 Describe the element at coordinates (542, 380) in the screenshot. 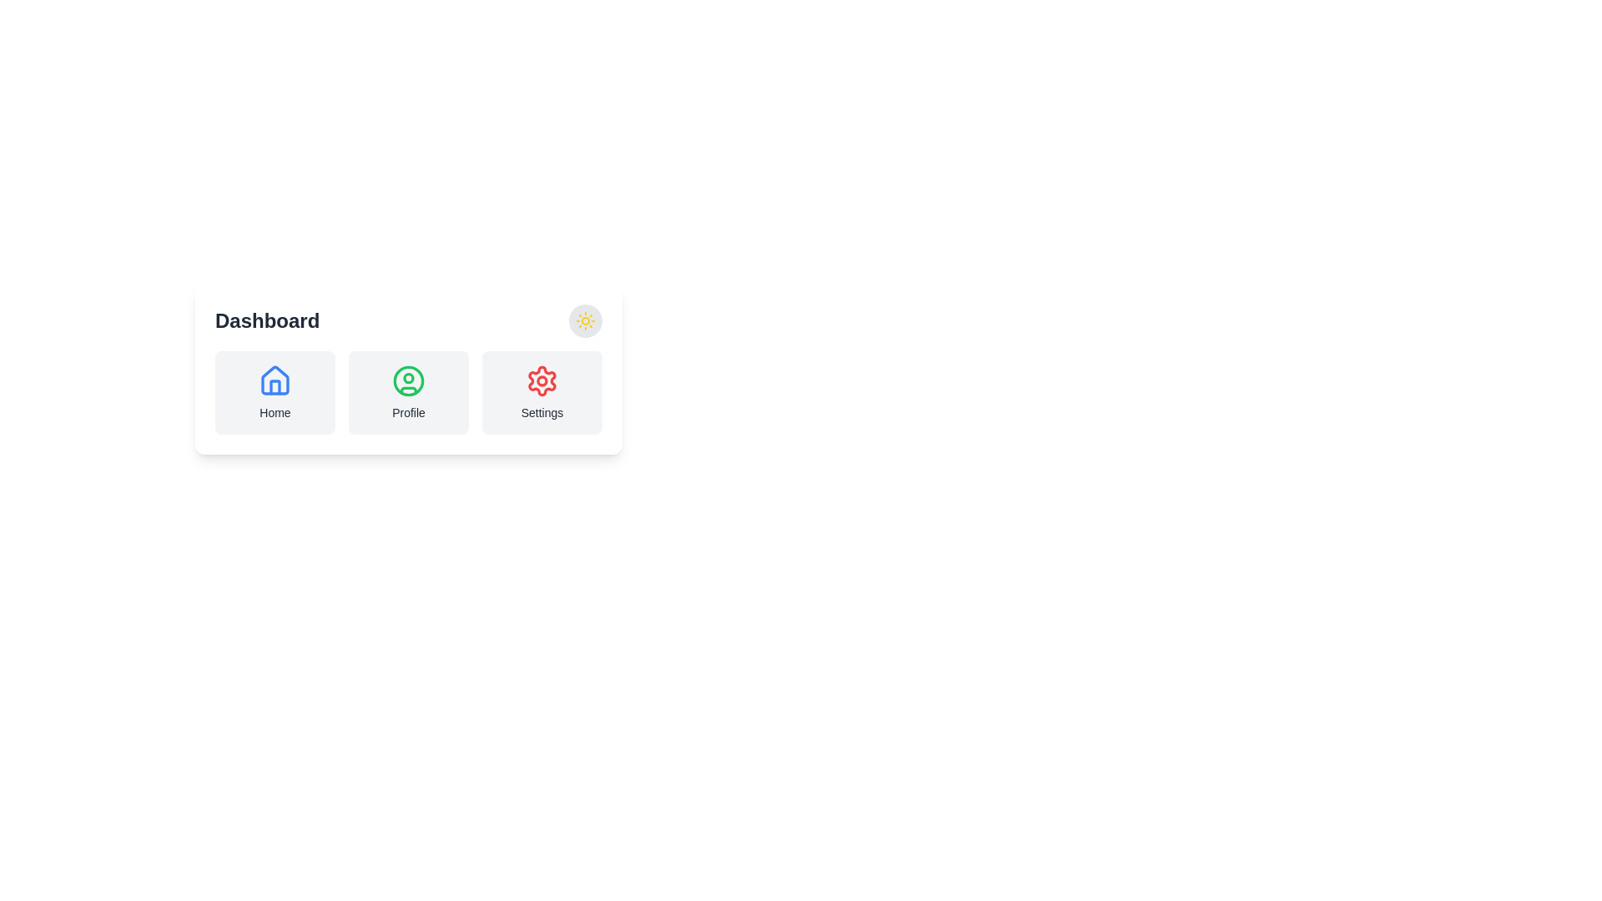

I see `the circular decorative element located in the center of the settings icon, which is part of the gear symbol` at that location.